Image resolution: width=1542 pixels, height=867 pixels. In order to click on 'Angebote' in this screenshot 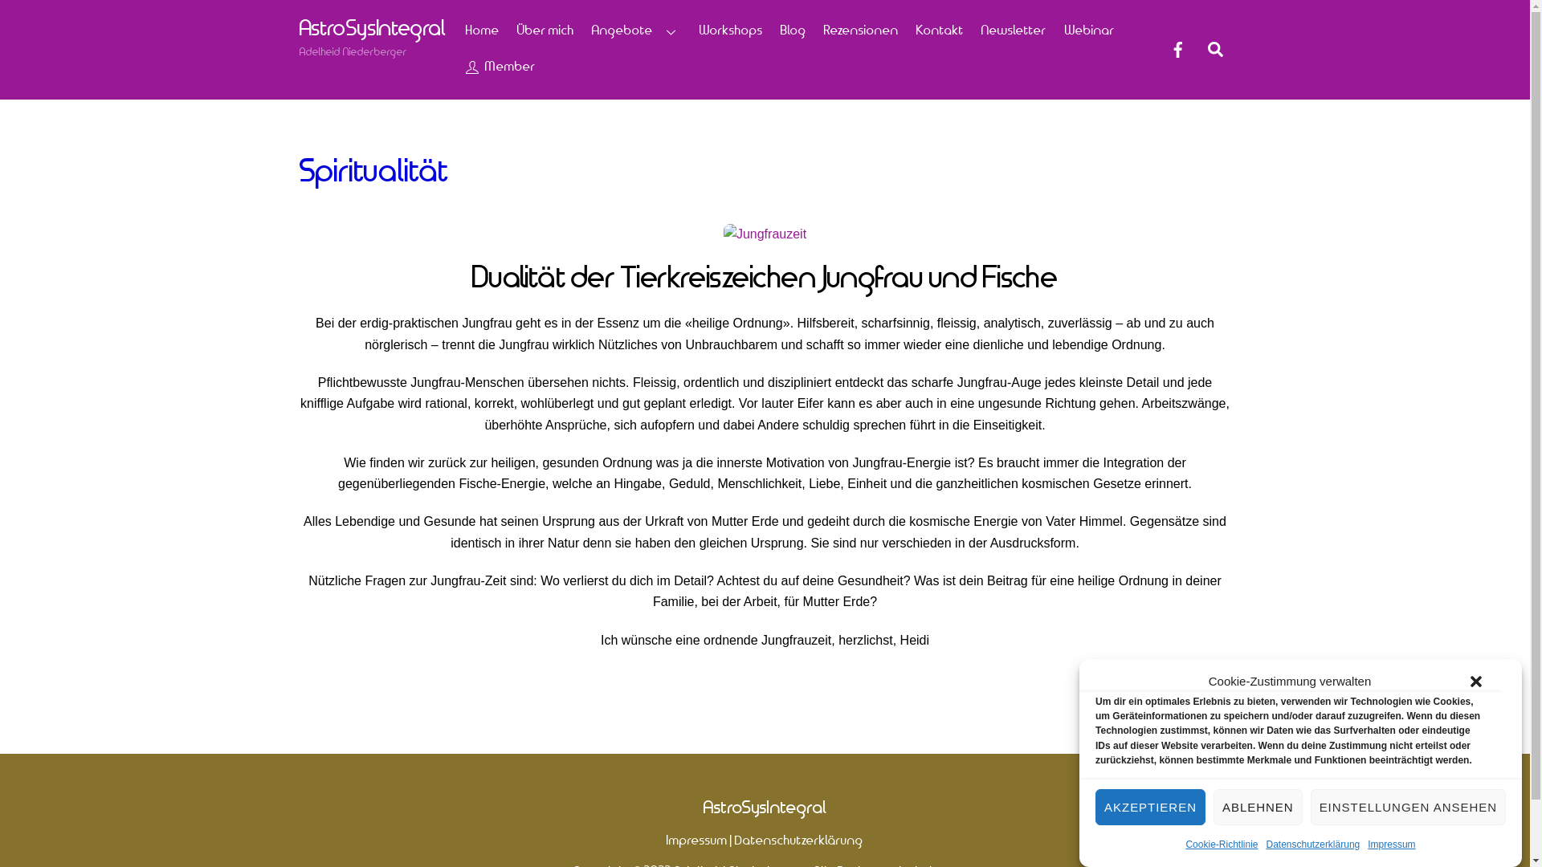, I will do `click(635, 31)`.